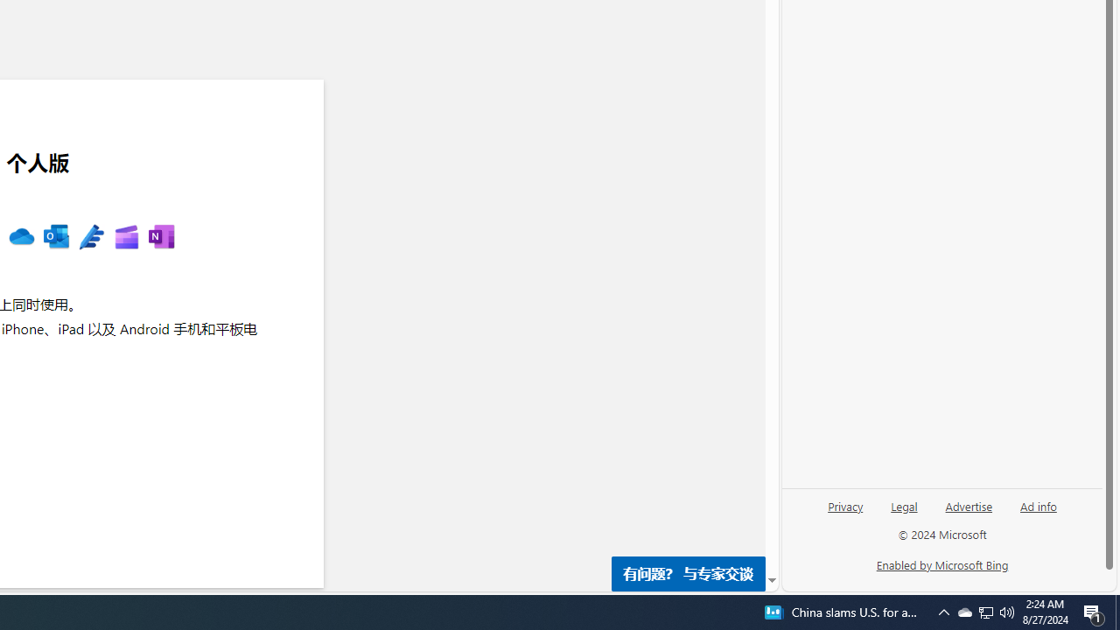  Describe the element at coordinates (125, 237) in the screenshot. I see `'MS Clipchamp'` at that location.